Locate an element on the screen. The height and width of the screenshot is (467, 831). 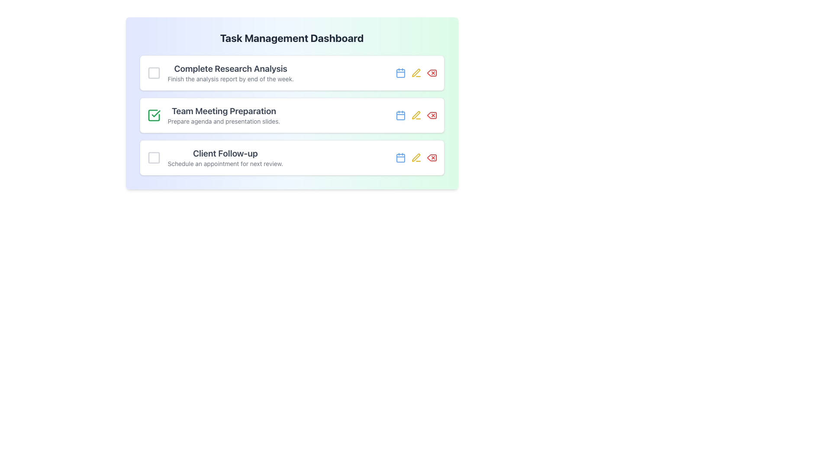
the red delete icon button located in the row for 'Team Meeting Preparation' is located at coordinates (432, 115).